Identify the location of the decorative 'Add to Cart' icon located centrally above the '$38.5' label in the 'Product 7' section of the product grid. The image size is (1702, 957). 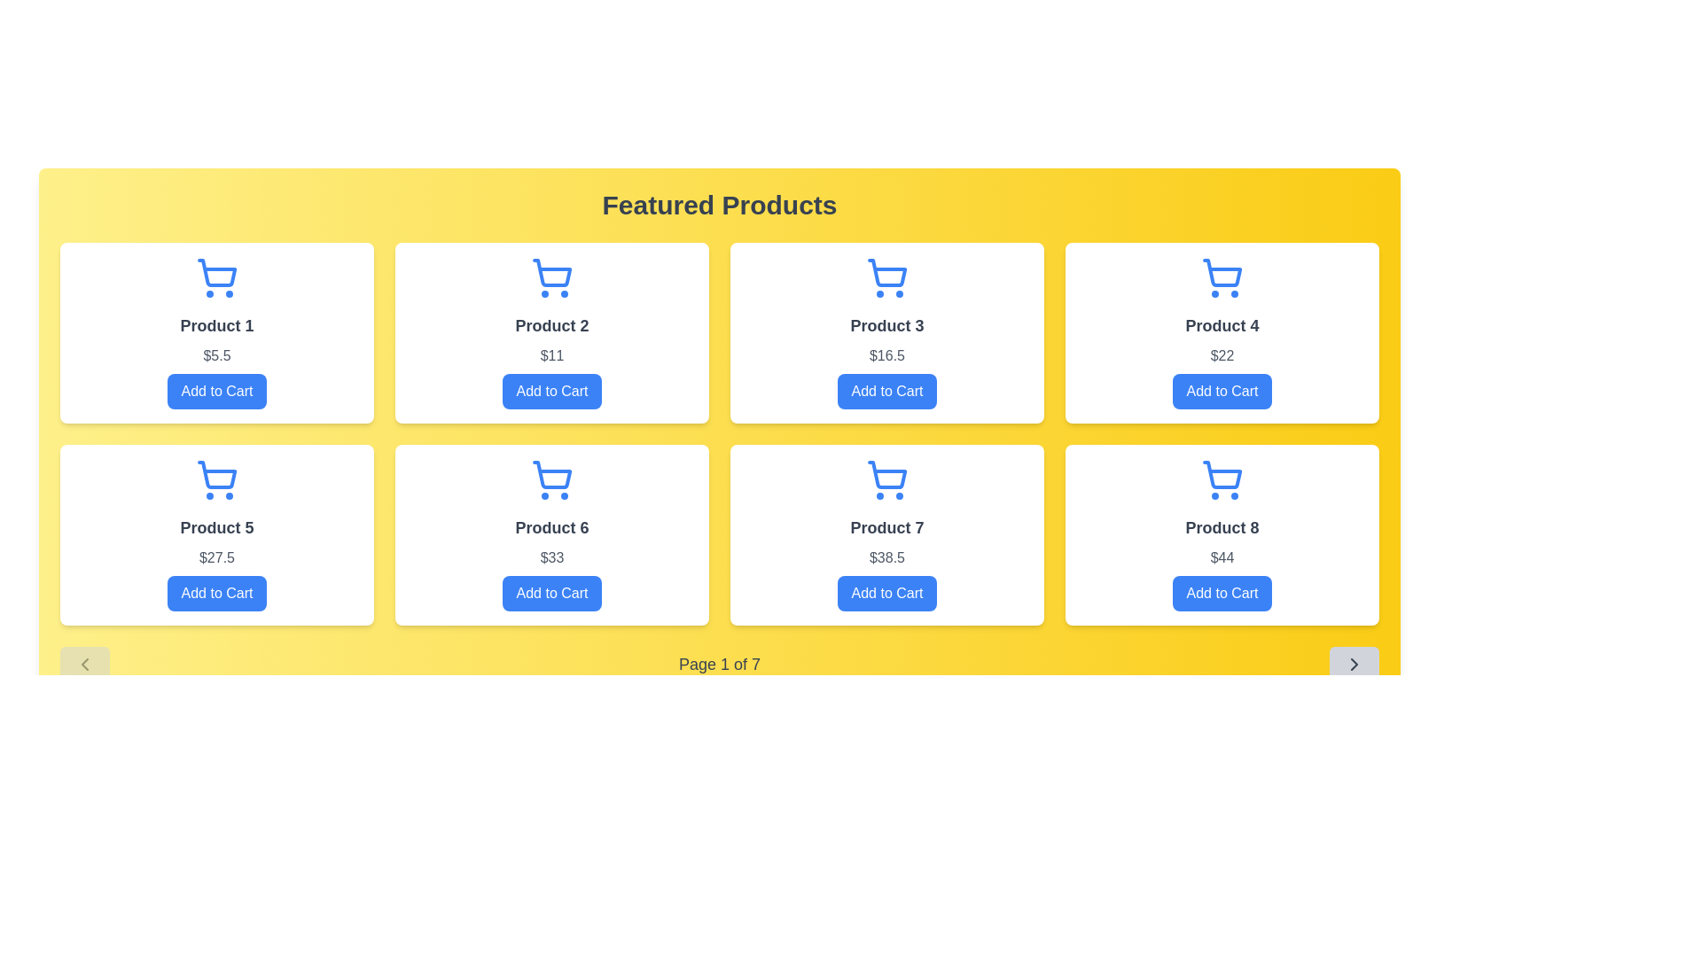
(887, 480).